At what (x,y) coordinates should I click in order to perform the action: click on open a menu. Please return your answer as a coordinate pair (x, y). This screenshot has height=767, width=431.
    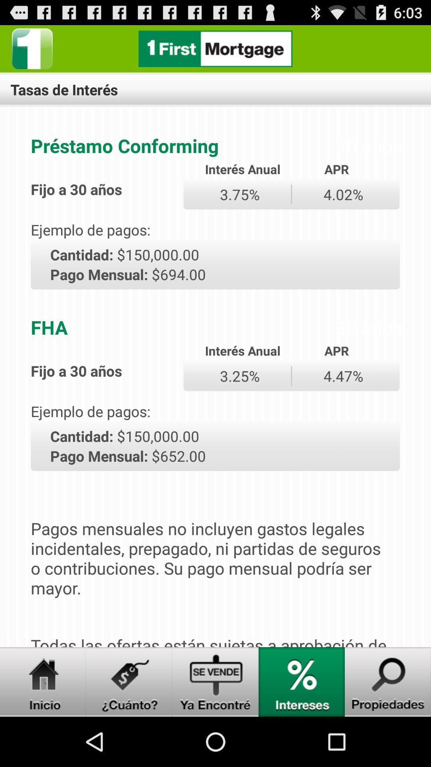
    Looking at the image, I should click on (129, 682).